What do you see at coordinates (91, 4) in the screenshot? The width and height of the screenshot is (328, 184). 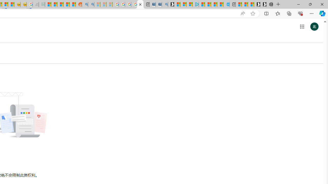 I see `'Utah sues federal government - Search'` at bounding box center [91, 4].